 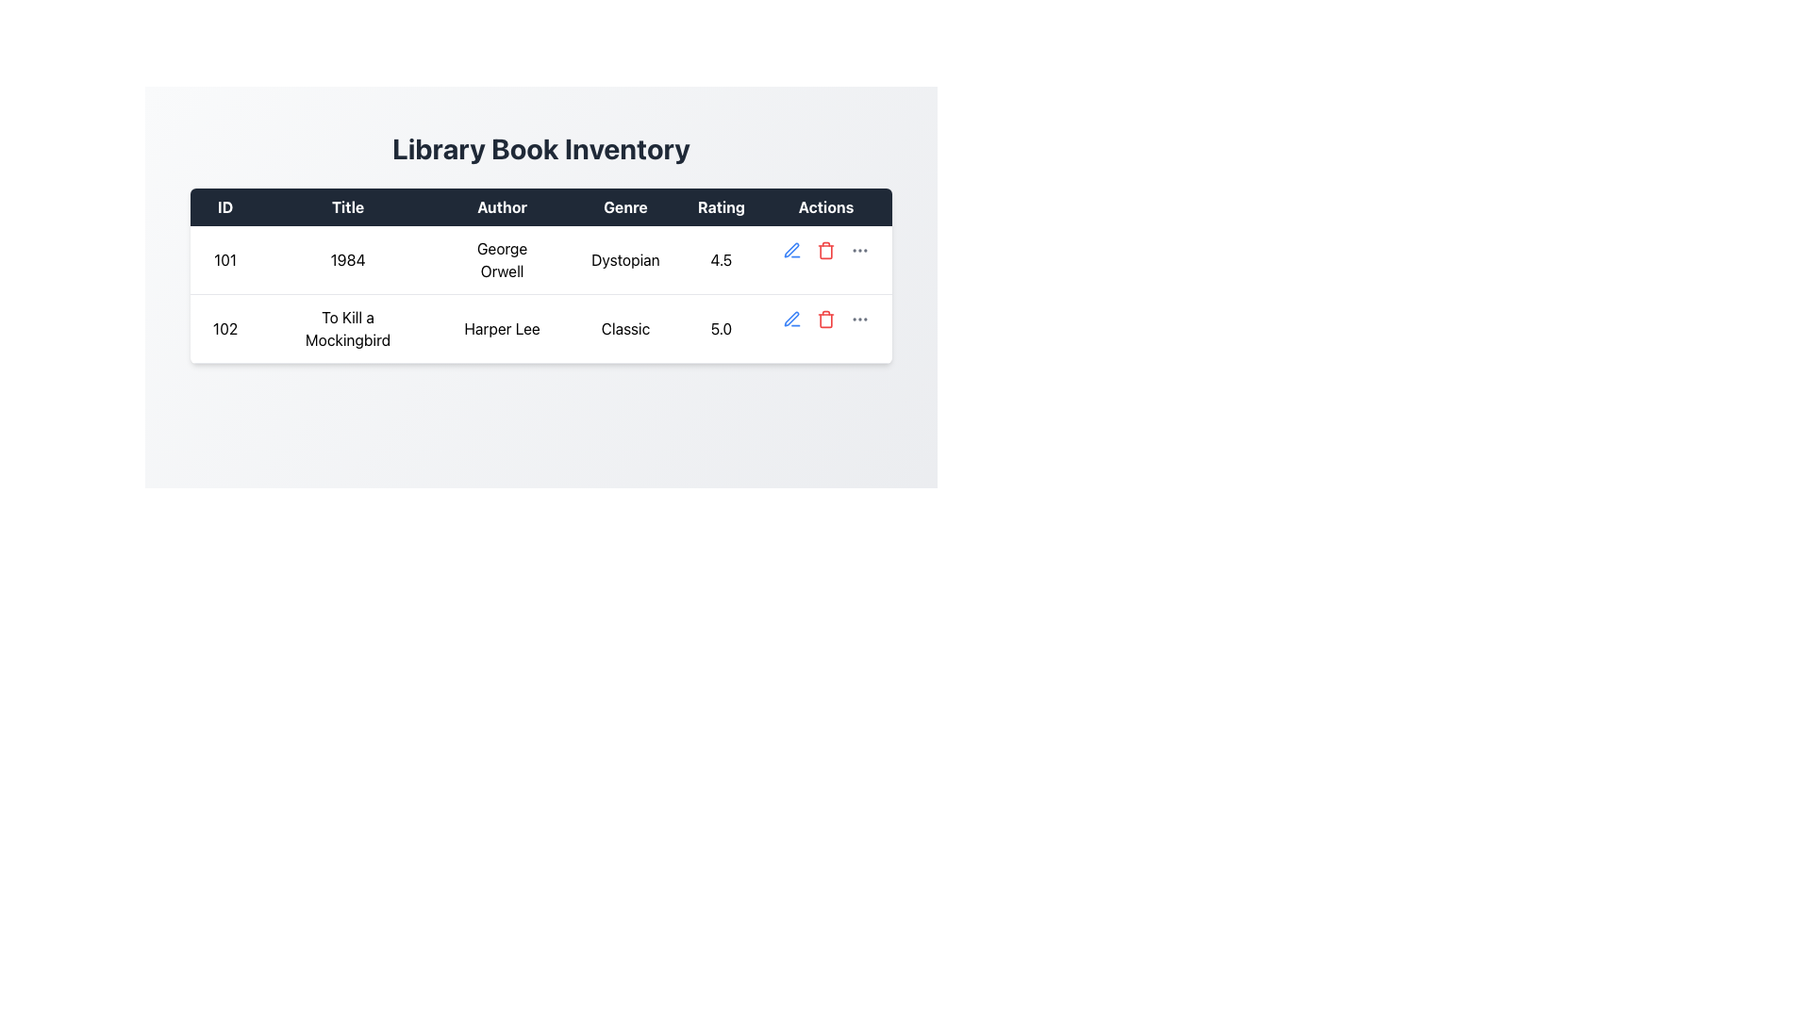 What do you see at coordinates (625, 327) in the screenshot?
I see `the static text label that indicates the genre of the book 'To Kill a Mockingbird' in the second row of the table` at bounding box center [625, 327].